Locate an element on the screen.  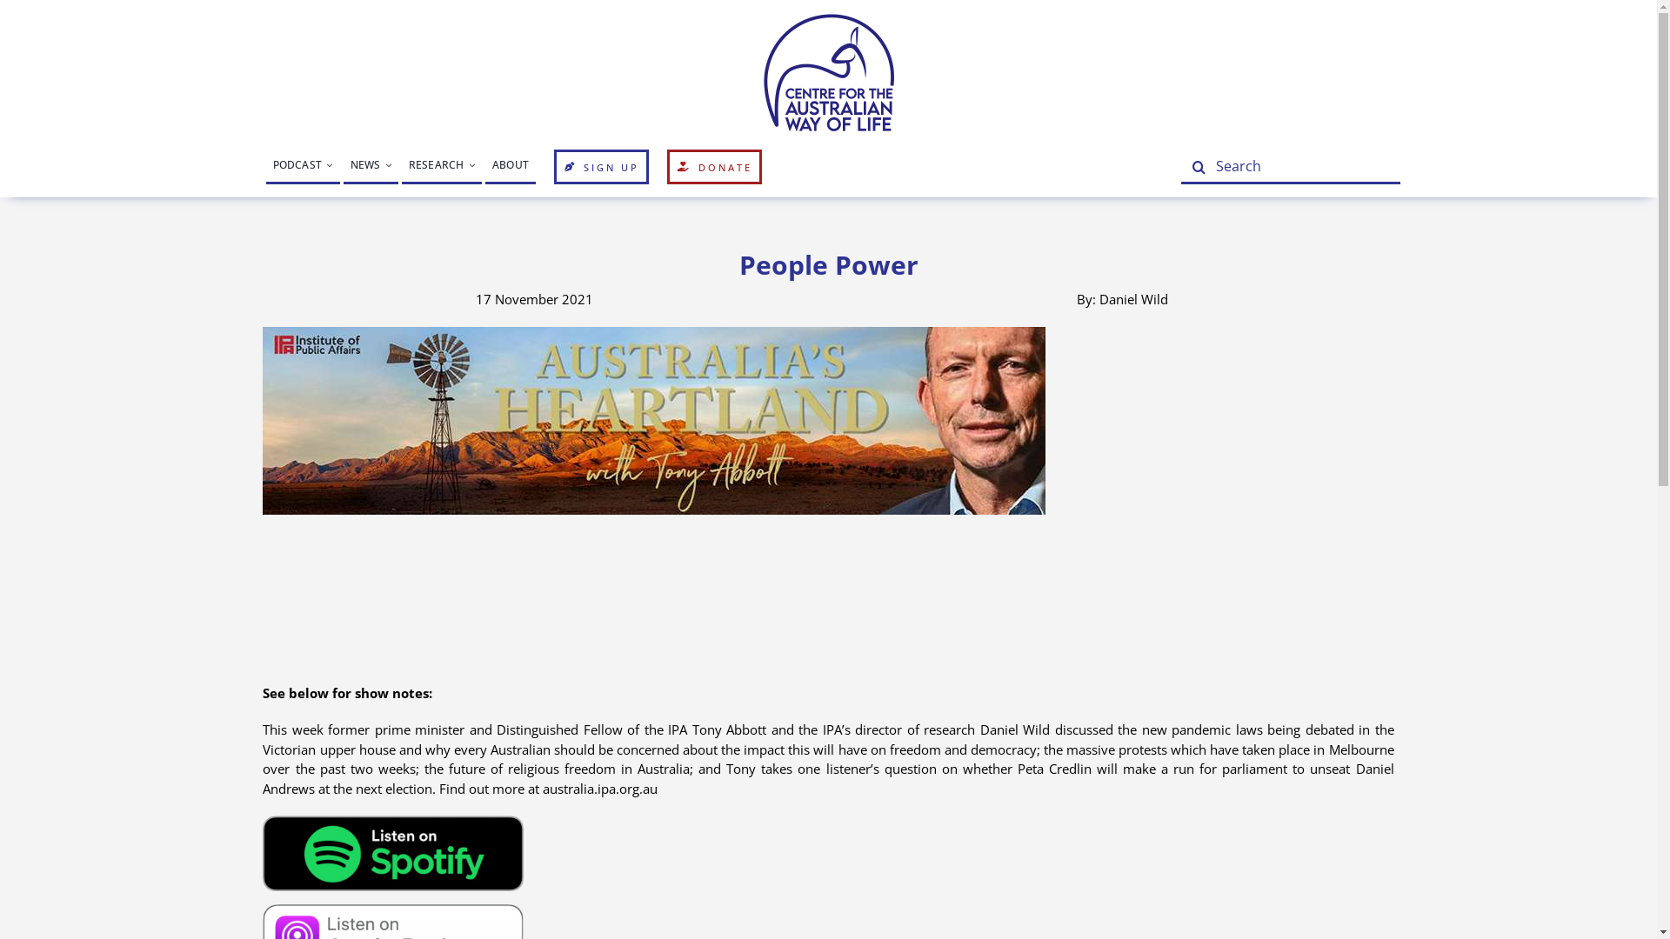
'ABOUT' is located at coordinates (509, 167).